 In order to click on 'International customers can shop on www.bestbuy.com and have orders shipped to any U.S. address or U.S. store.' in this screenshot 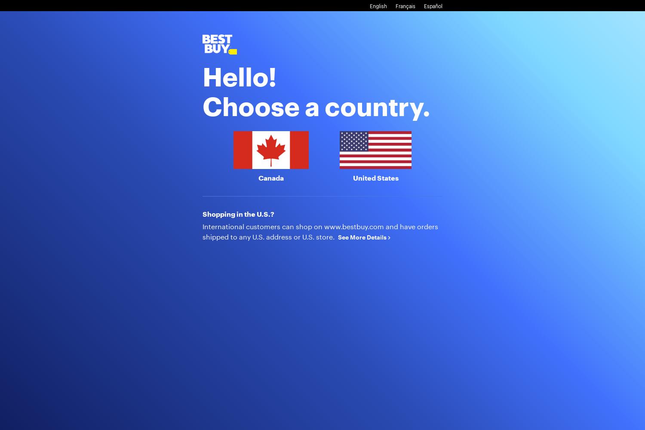, I will do `click(320, 231)`.